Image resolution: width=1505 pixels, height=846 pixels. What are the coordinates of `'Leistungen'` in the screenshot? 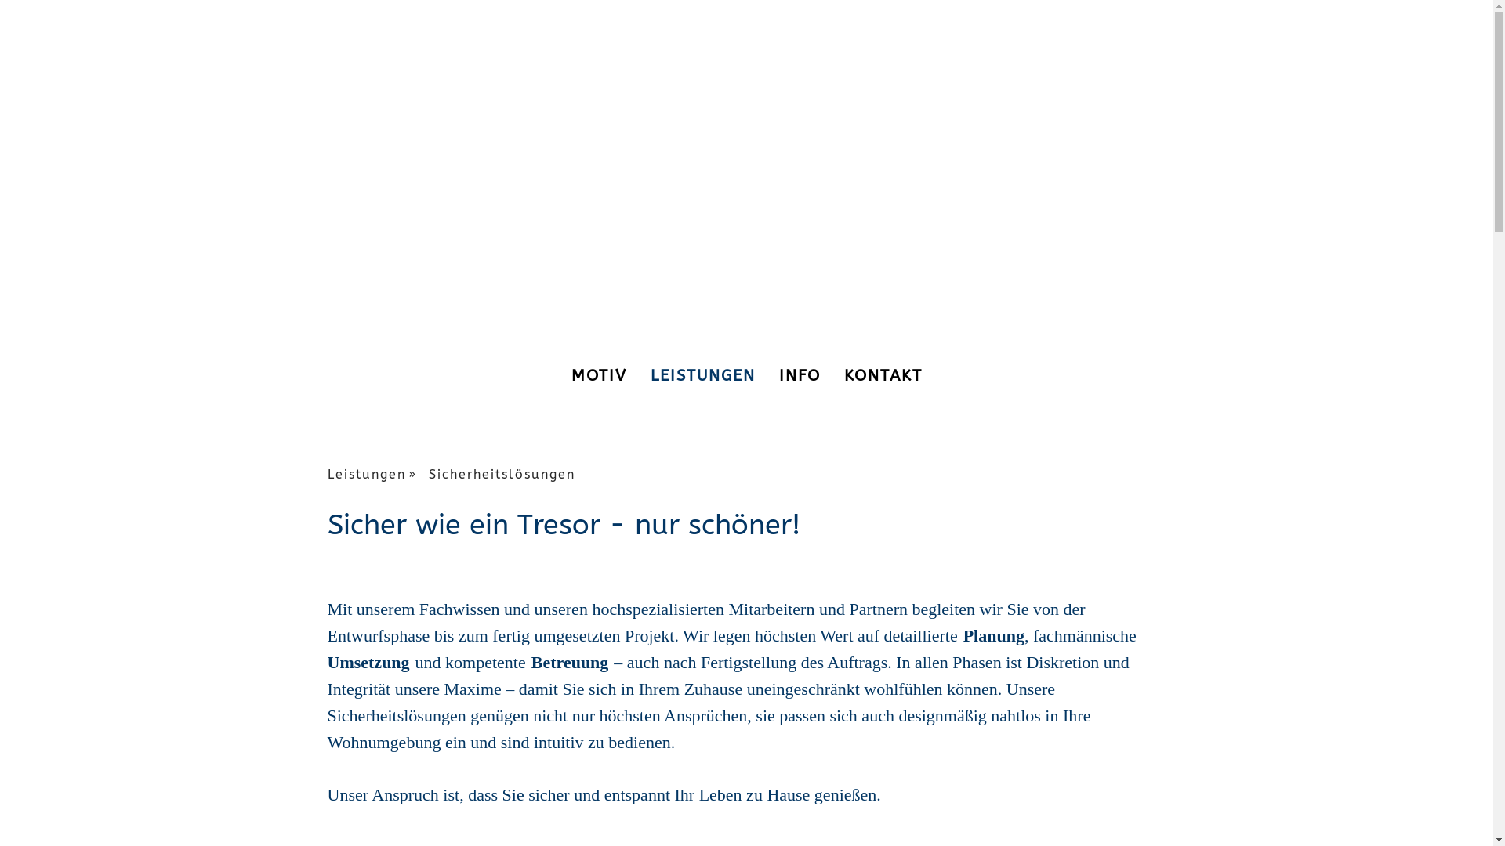 It's located at (378, 473).